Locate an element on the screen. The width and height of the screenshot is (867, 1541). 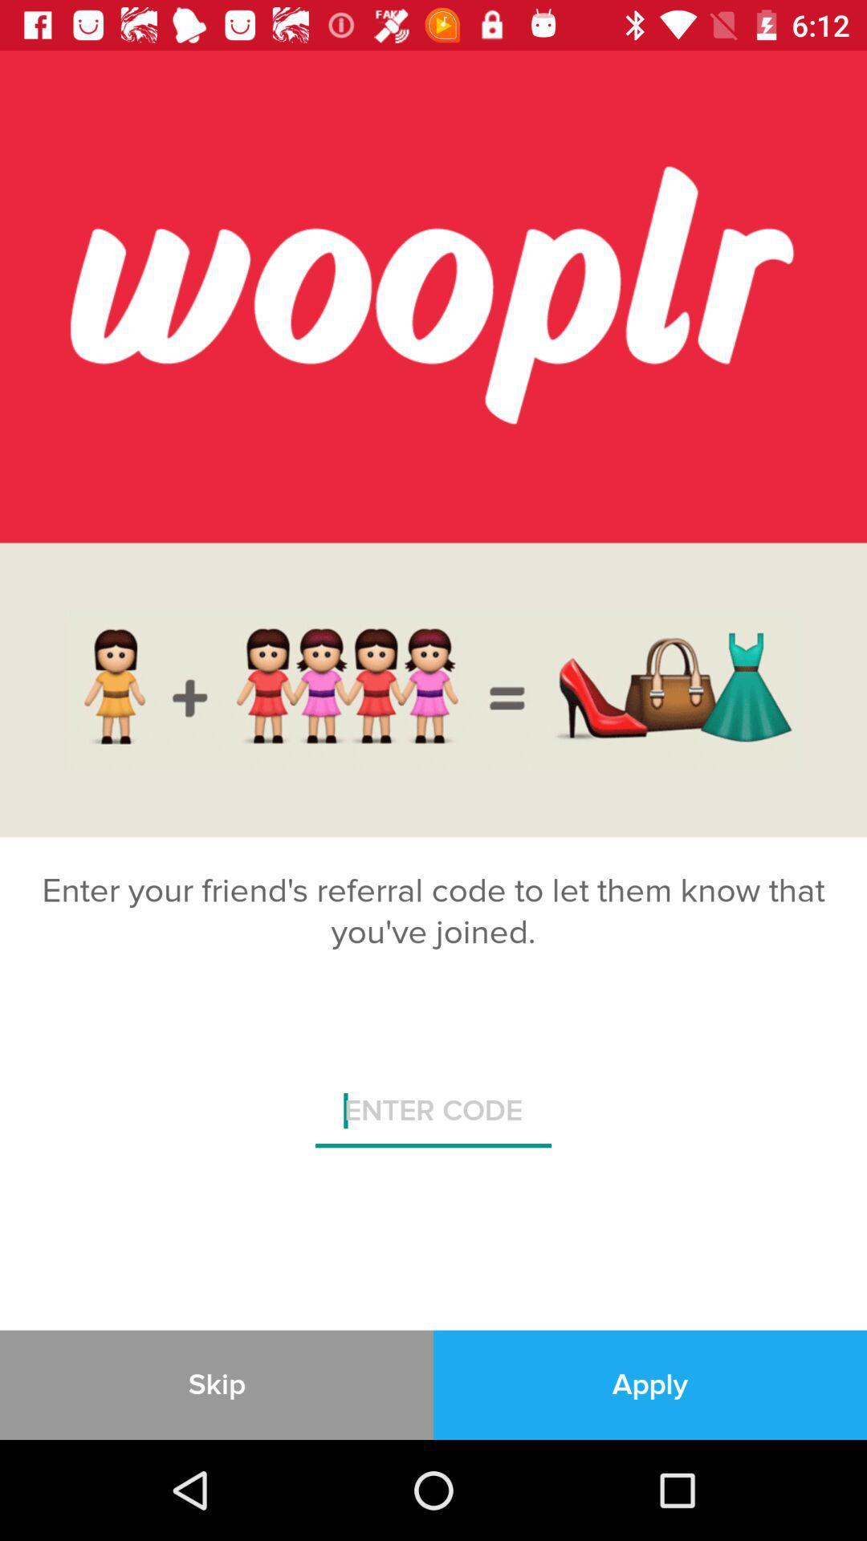
apply is located at coordinates (650, 1384).